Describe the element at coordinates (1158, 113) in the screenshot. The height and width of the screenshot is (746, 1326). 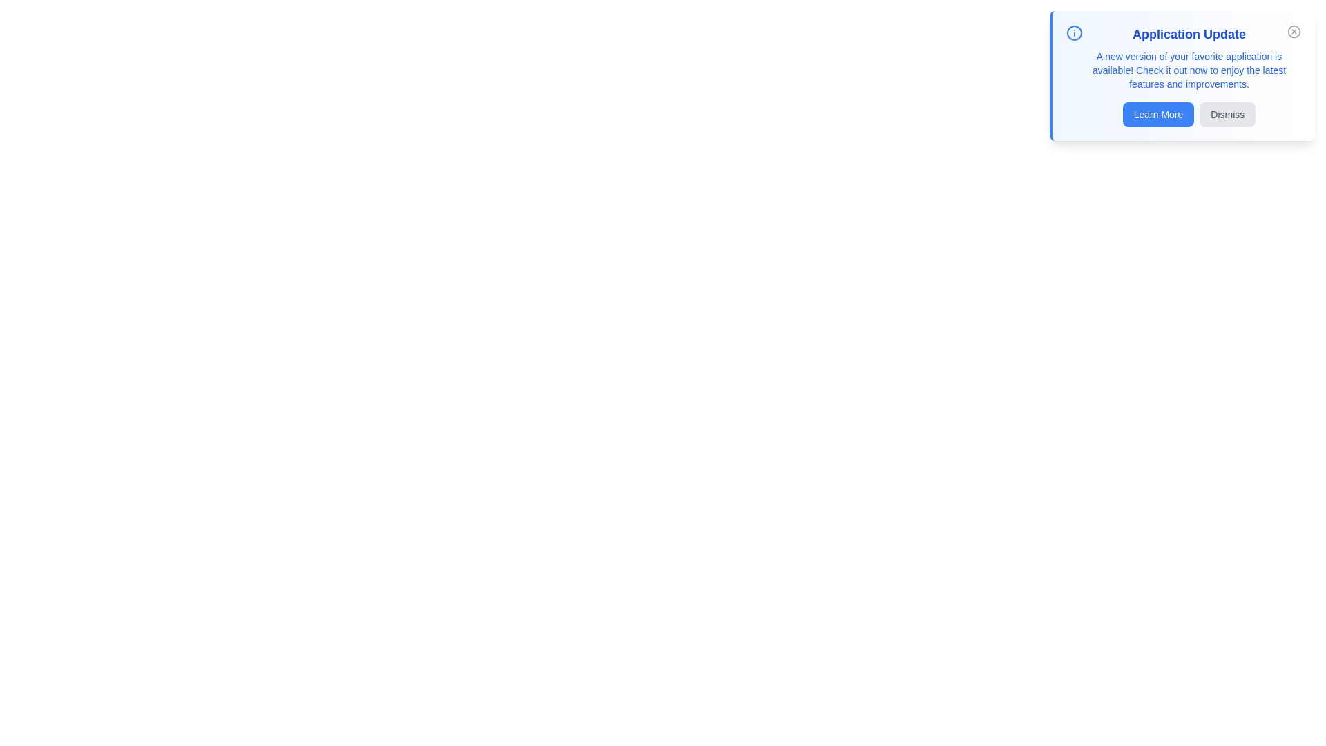
I see `the 'Learn More' button to navigate to the update page` at that location.